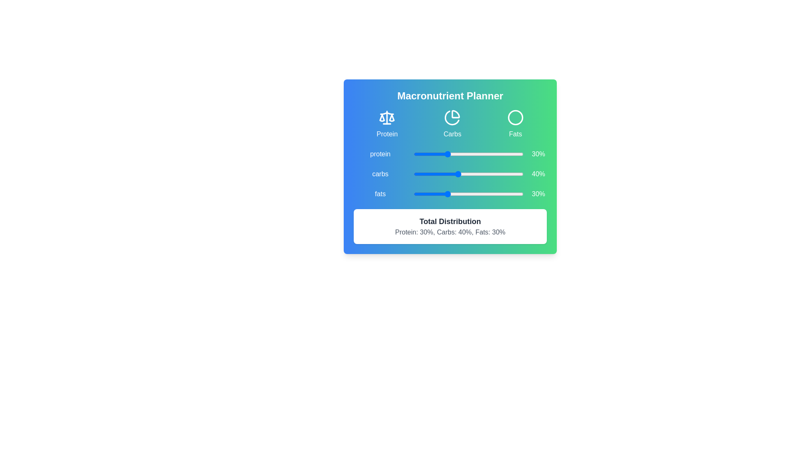 The width and height of the screenshot is (799, 449). I want to click on the carbs percentage, so click(487, 174).